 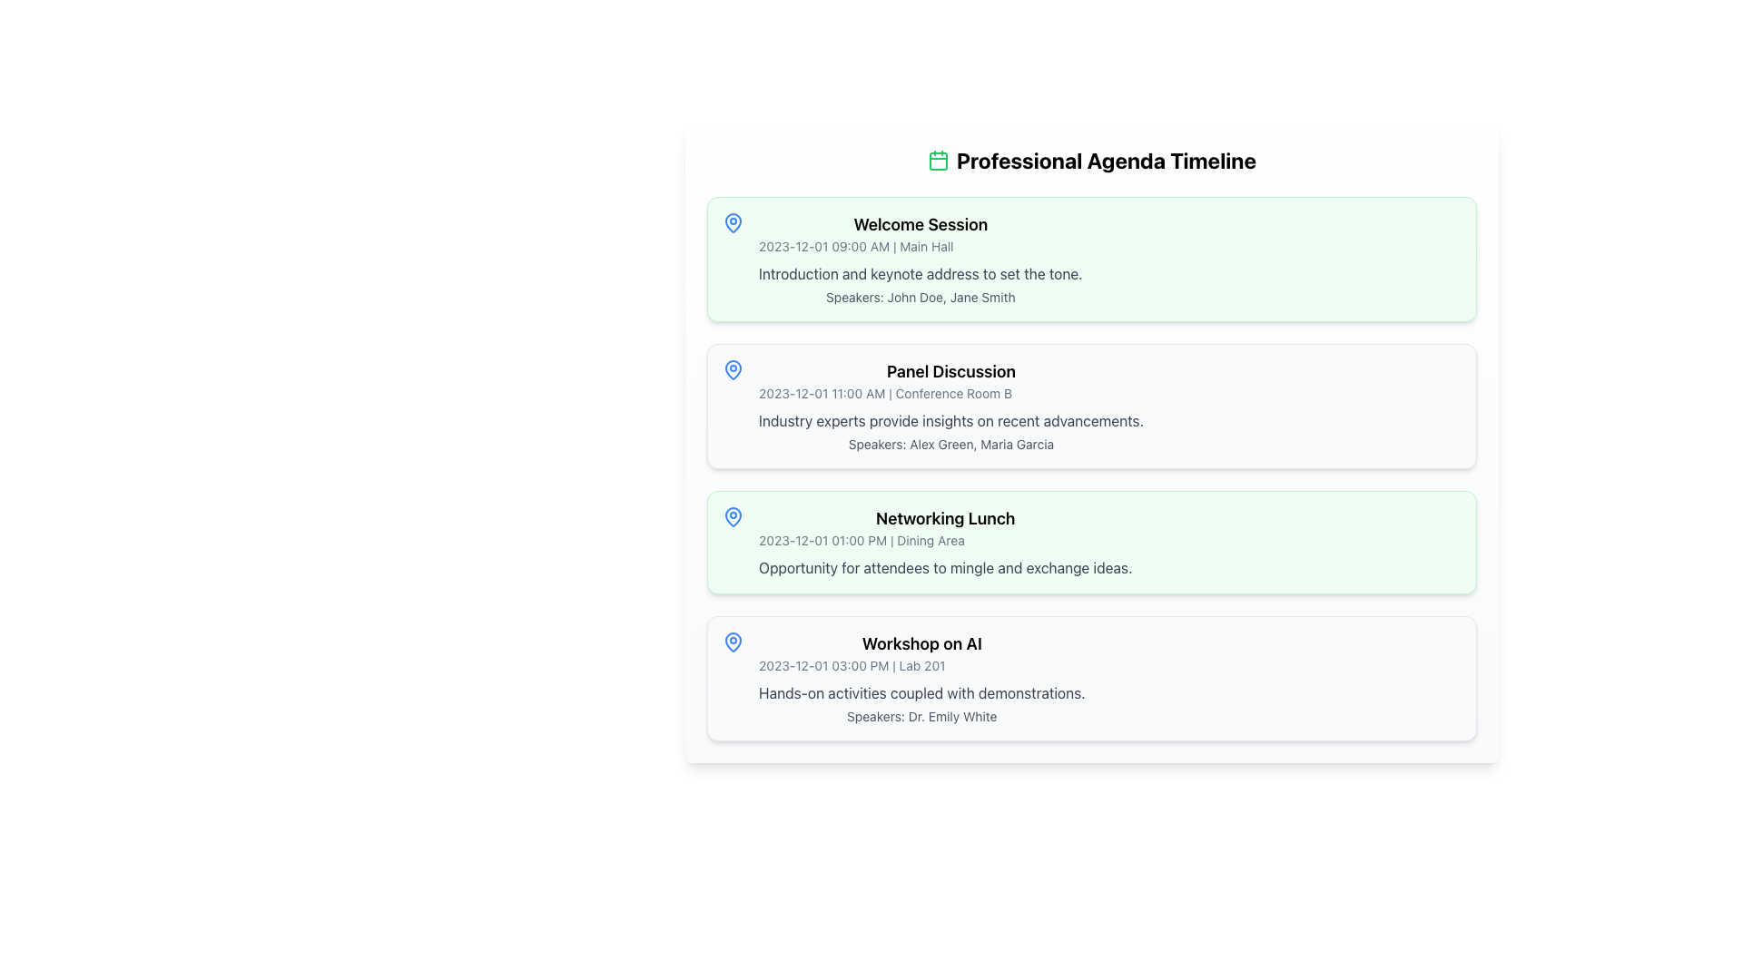 What do you see at coordinates (950, 370) in the screenshot?
I see `the bold, black text element displaying the title 'Panel Discussion' which is prominently styled as a header in the middle of the app interface` at bounding box center [950, 370].